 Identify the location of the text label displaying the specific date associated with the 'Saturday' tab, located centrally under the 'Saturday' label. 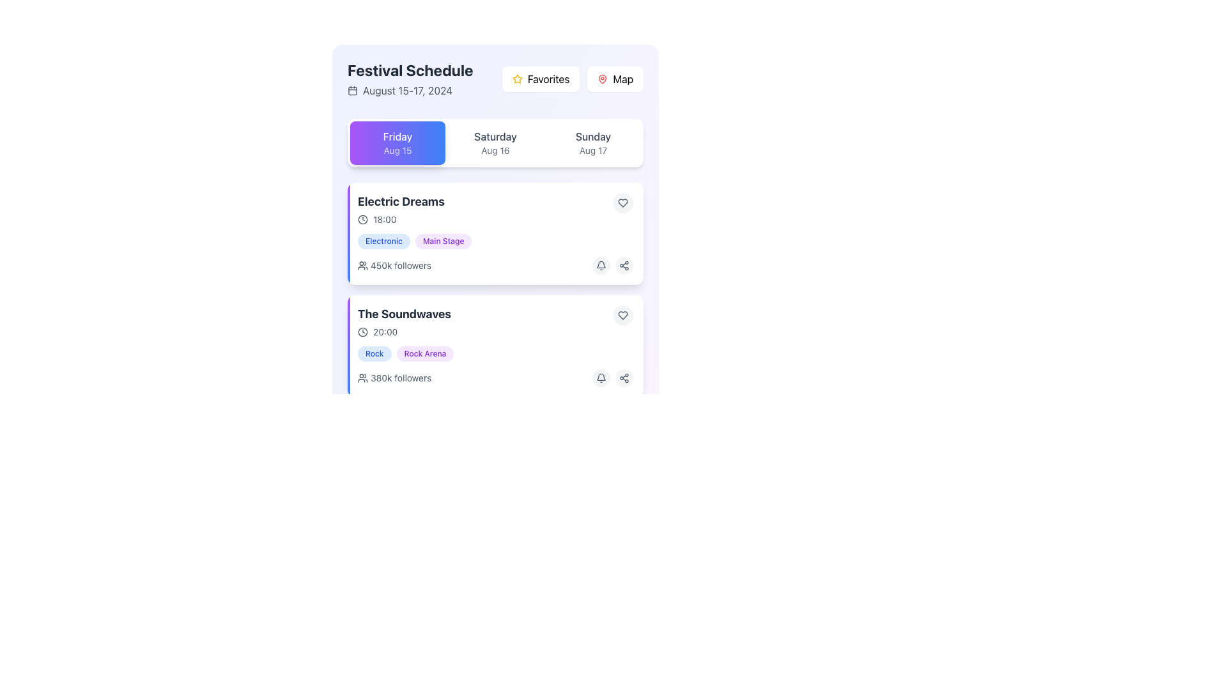
(495, 149).